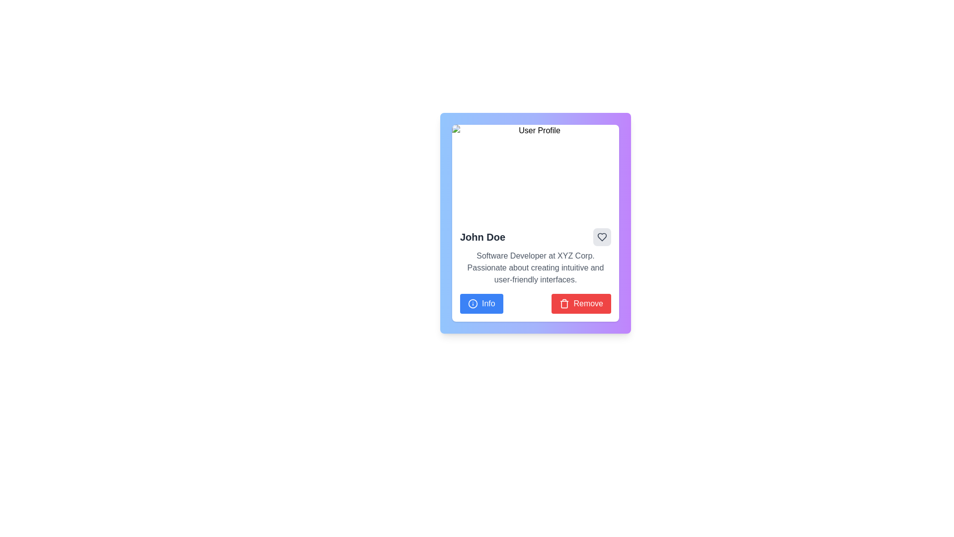 The image size is (954, 537). I want to click on text content displayed in the block describing the professional title and personal statement of 'John Doe', which is centrally located below the name and above the 'Info' and 'Remove' buttons, so click(535, 268).